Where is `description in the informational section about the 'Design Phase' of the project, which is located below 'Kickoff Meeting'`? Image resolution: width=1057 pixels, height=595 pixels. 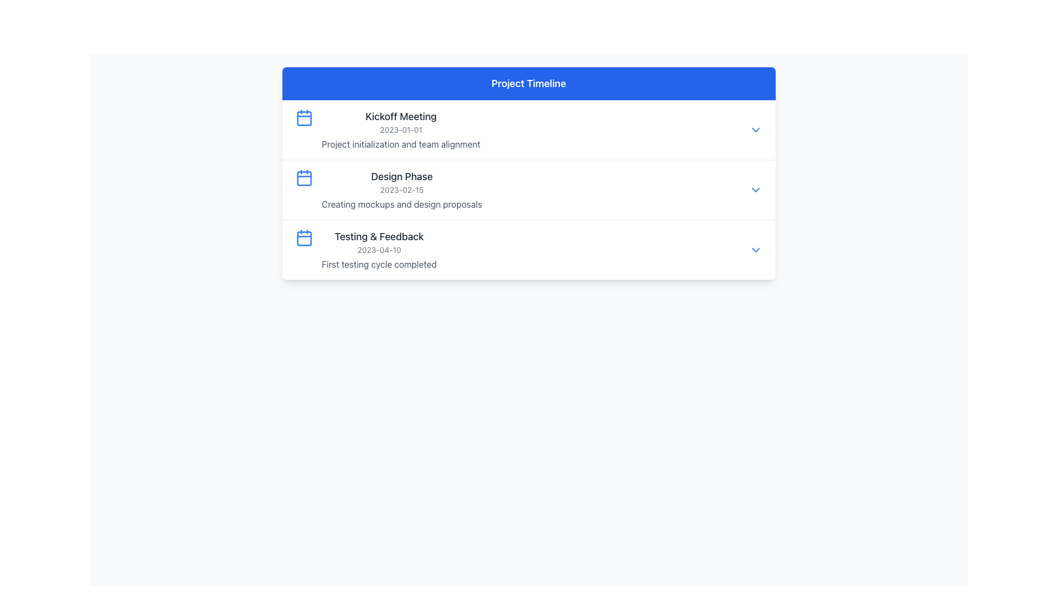
description in the informational section about the 'Design Phase' of the project, which is located below 'Kickoff Meeting' is located at coordinates (528, 189).